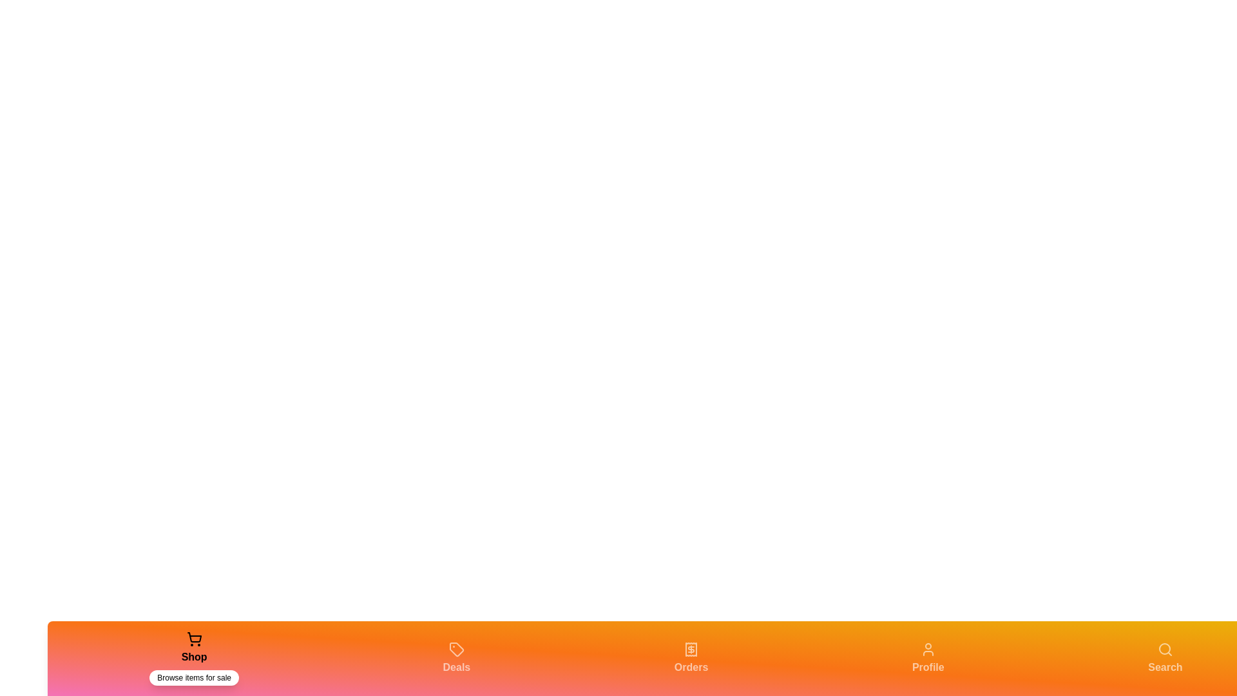 The image size is (1237, 696). I want to click on the Search tab in the navigation bar, so click(1165, 659).